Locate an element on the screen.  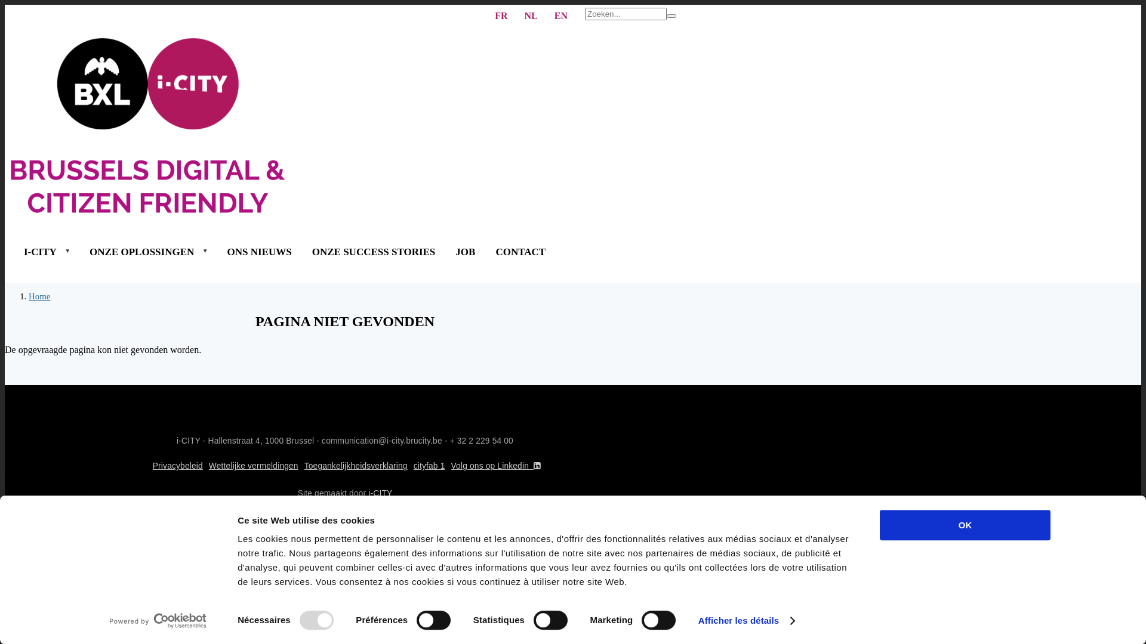
'CONTACT' is located at coordinates (520, 251).